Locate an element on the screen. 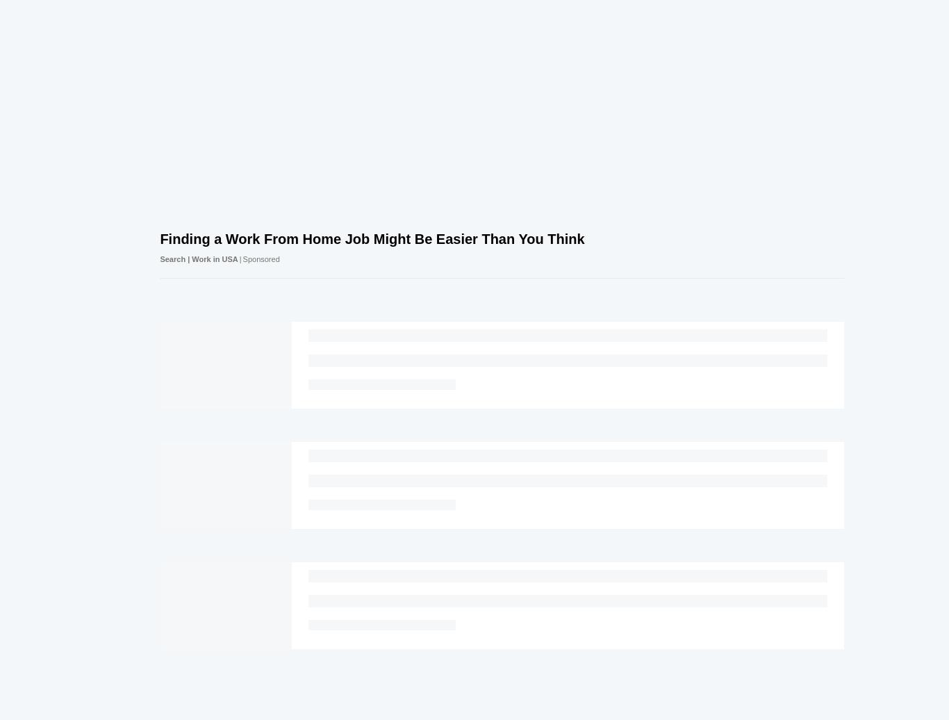  '© Future Publishing Limited Quay House, The Ambury, Bath BA1 1UA.' is located at coordinates (354, 541).